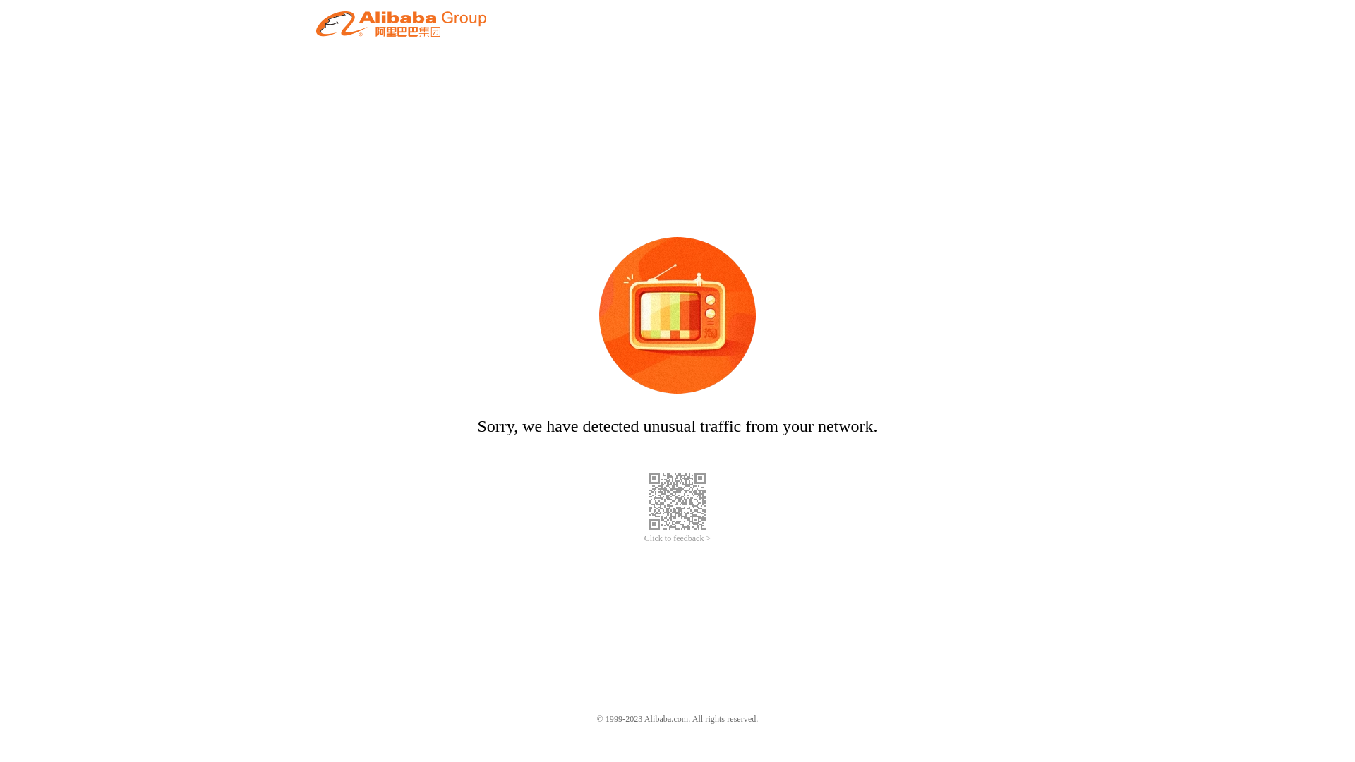  What do you see at coordinates (677, 538) in the screenshot?
I see `'Click to feedback >'` at bounding box center [677, 538].